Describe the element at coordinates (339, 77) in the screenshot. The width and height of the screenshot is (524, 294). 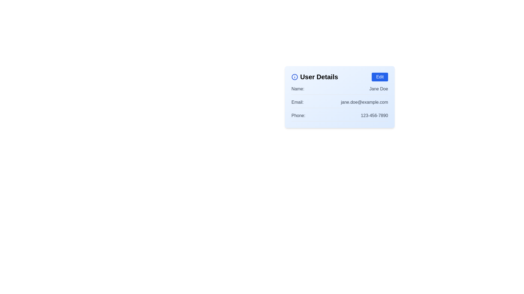
I see `the 'User Details' title text in the A header element located at the top of the user information section within the card` at that location.